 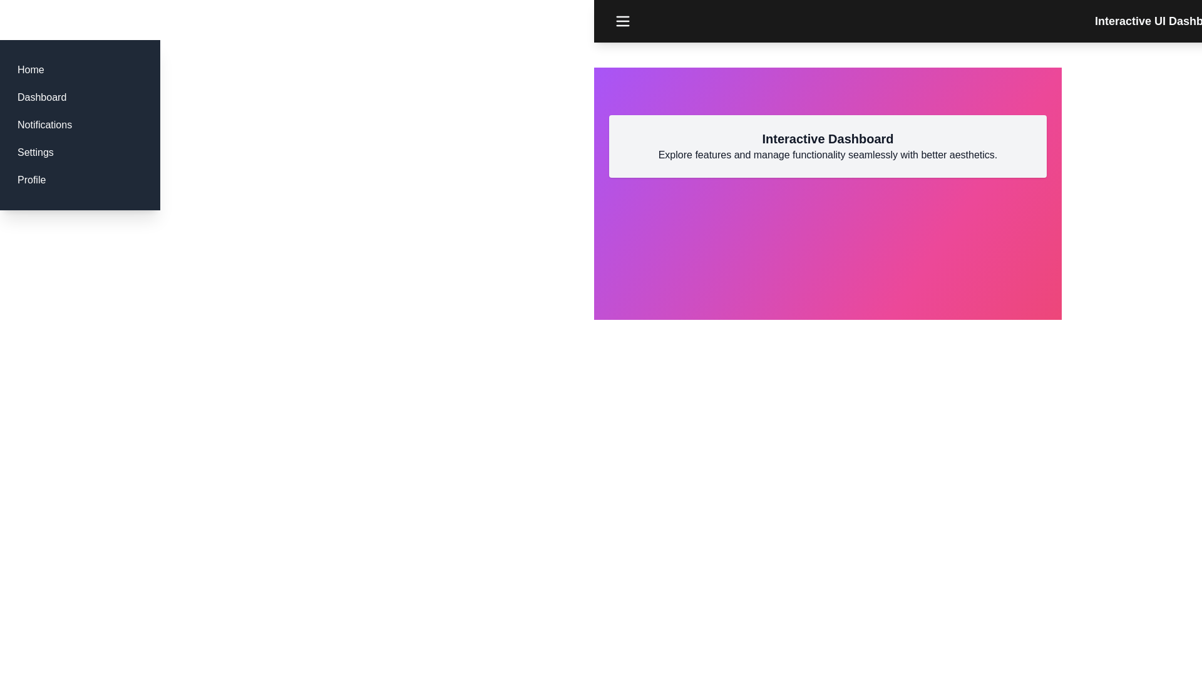 What do you see at coordinates (31, 180) in the screenshot?
I see `the menu item Profile from the side navigation menu` at bounding box center [31, 180].